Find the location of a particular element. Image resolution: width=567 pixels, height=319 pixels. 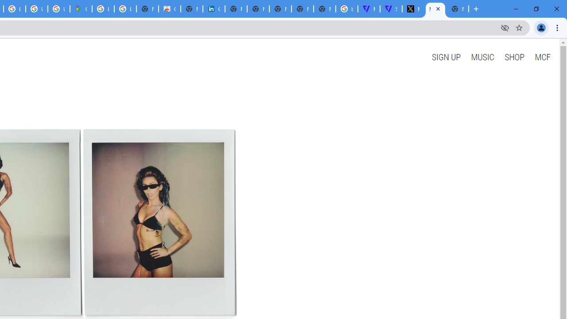

'SIGN UP' is located at coordinates (446, 57).